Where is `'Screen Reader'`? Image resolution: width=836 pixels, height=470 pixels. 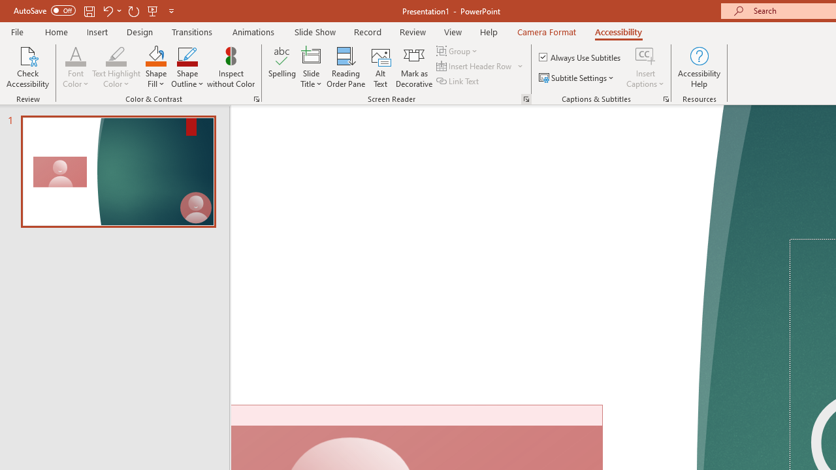
'Screen Reader' is located at coordinates (526, 98).